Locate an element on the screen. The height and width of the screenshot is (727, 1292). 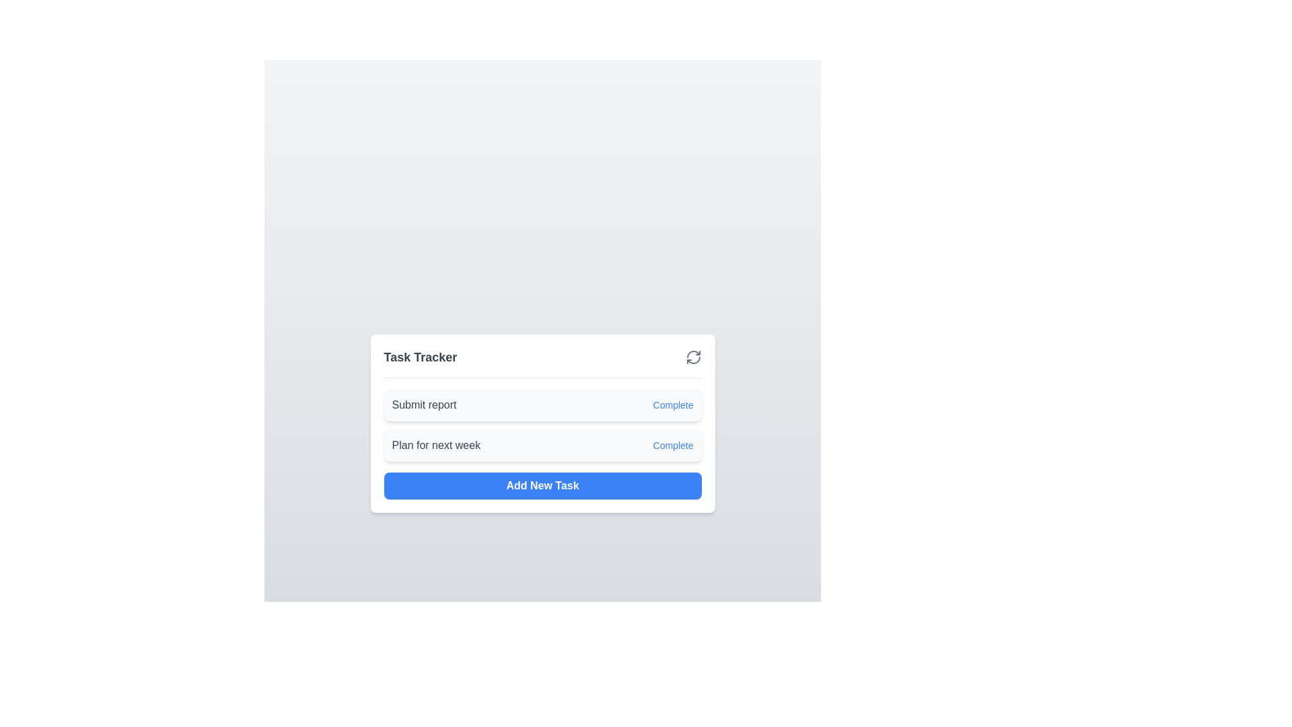
the hyperlink styled as a button that marks the 'Submit report' task as completed is located at coordinates (673, 404).